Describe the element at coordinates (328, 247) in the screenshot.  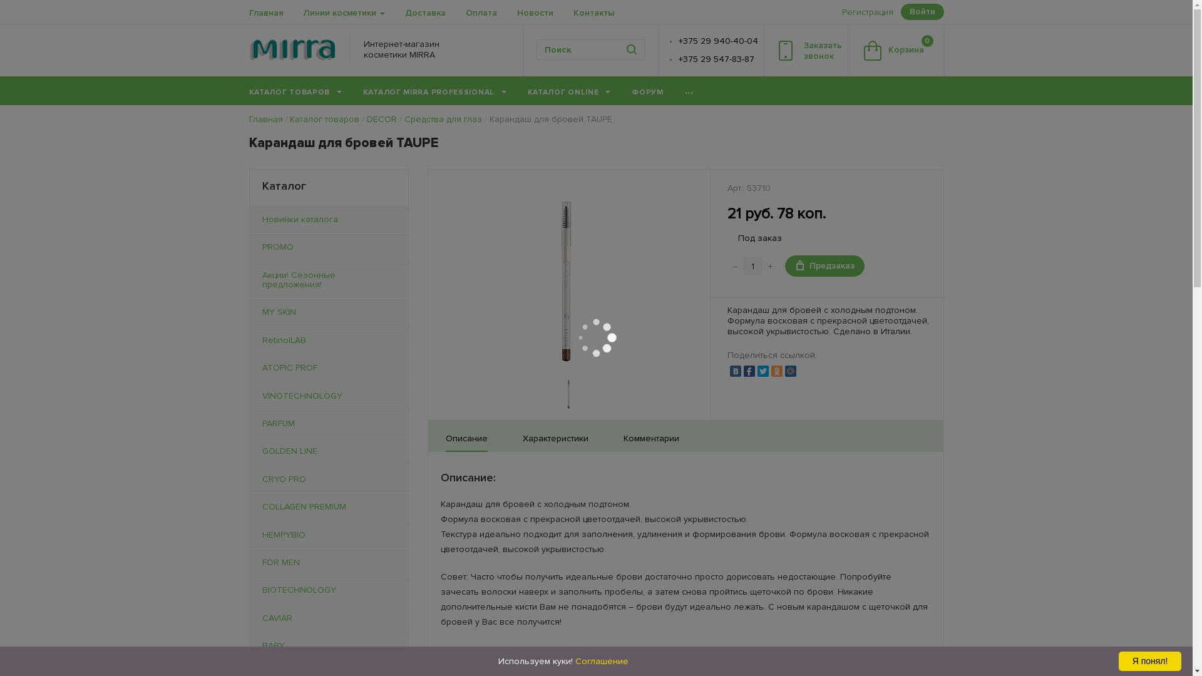
I see `'PROMO'` at that location.